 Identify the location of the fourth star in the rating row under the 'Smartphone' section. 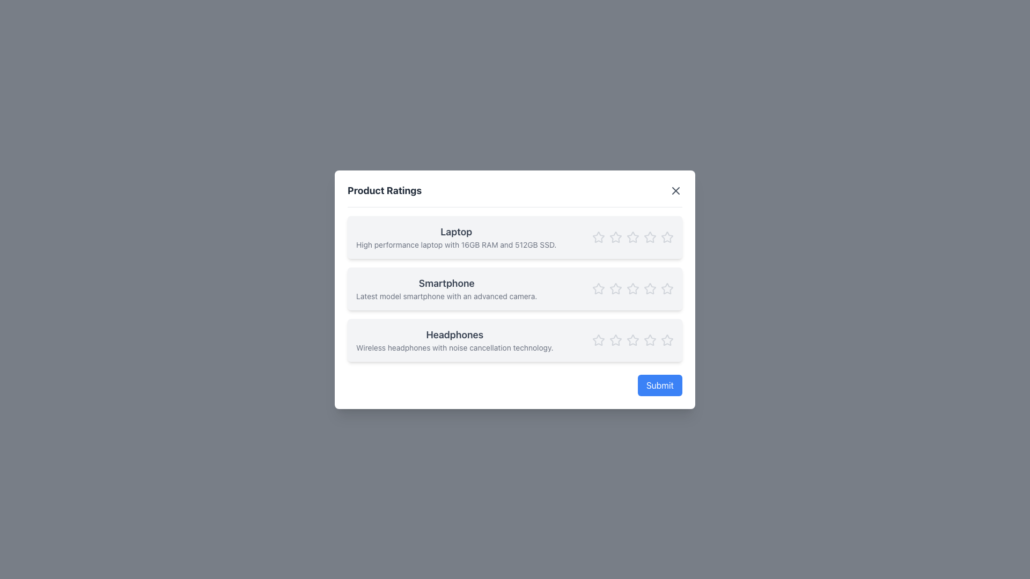
(633, 288).